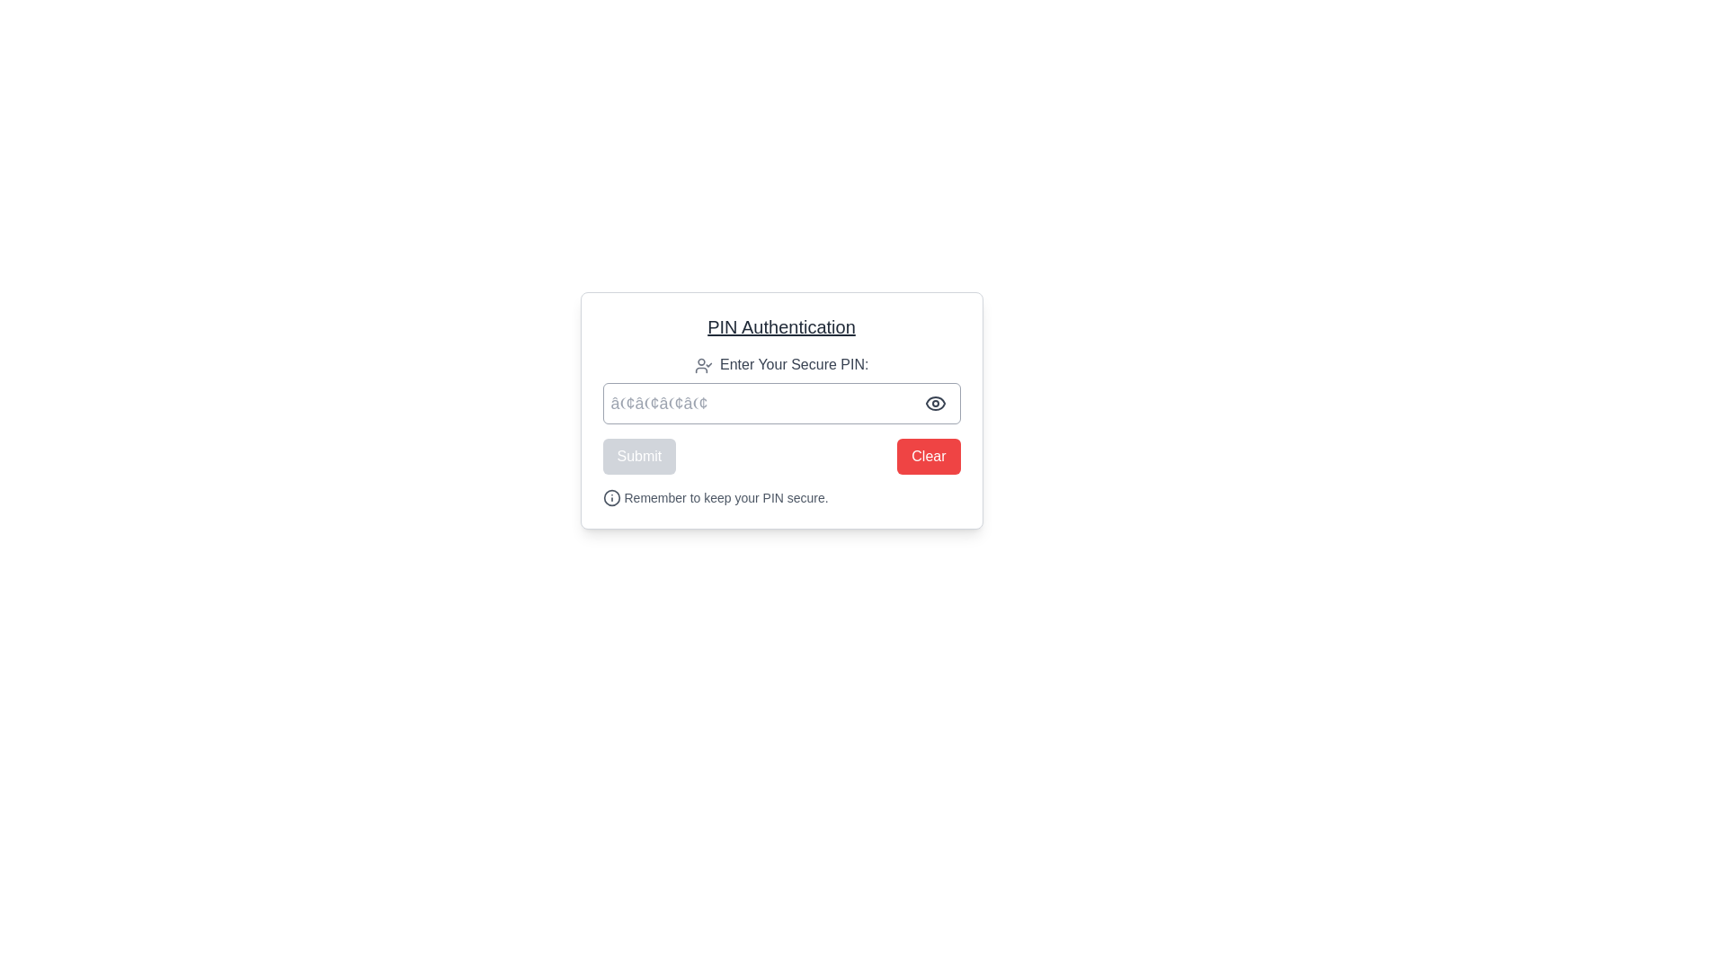  Describe the element at coordinates (639, 456) in the screenshot. I see `the 'Submit' button, which is a medium-sized rectangular button with a green background and bold white text, located just below the text input field and to the left of the 'Clear' button` at that location.